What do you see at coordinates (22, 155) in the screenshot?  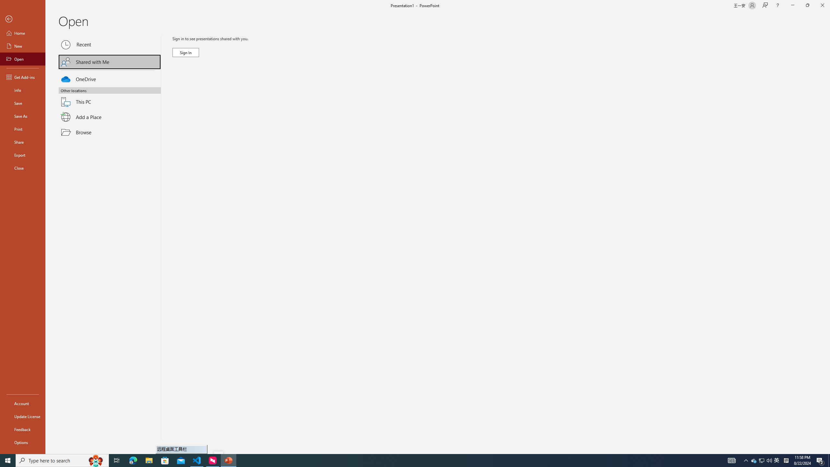 I see `'Export'` at bounding box center [22, 155].